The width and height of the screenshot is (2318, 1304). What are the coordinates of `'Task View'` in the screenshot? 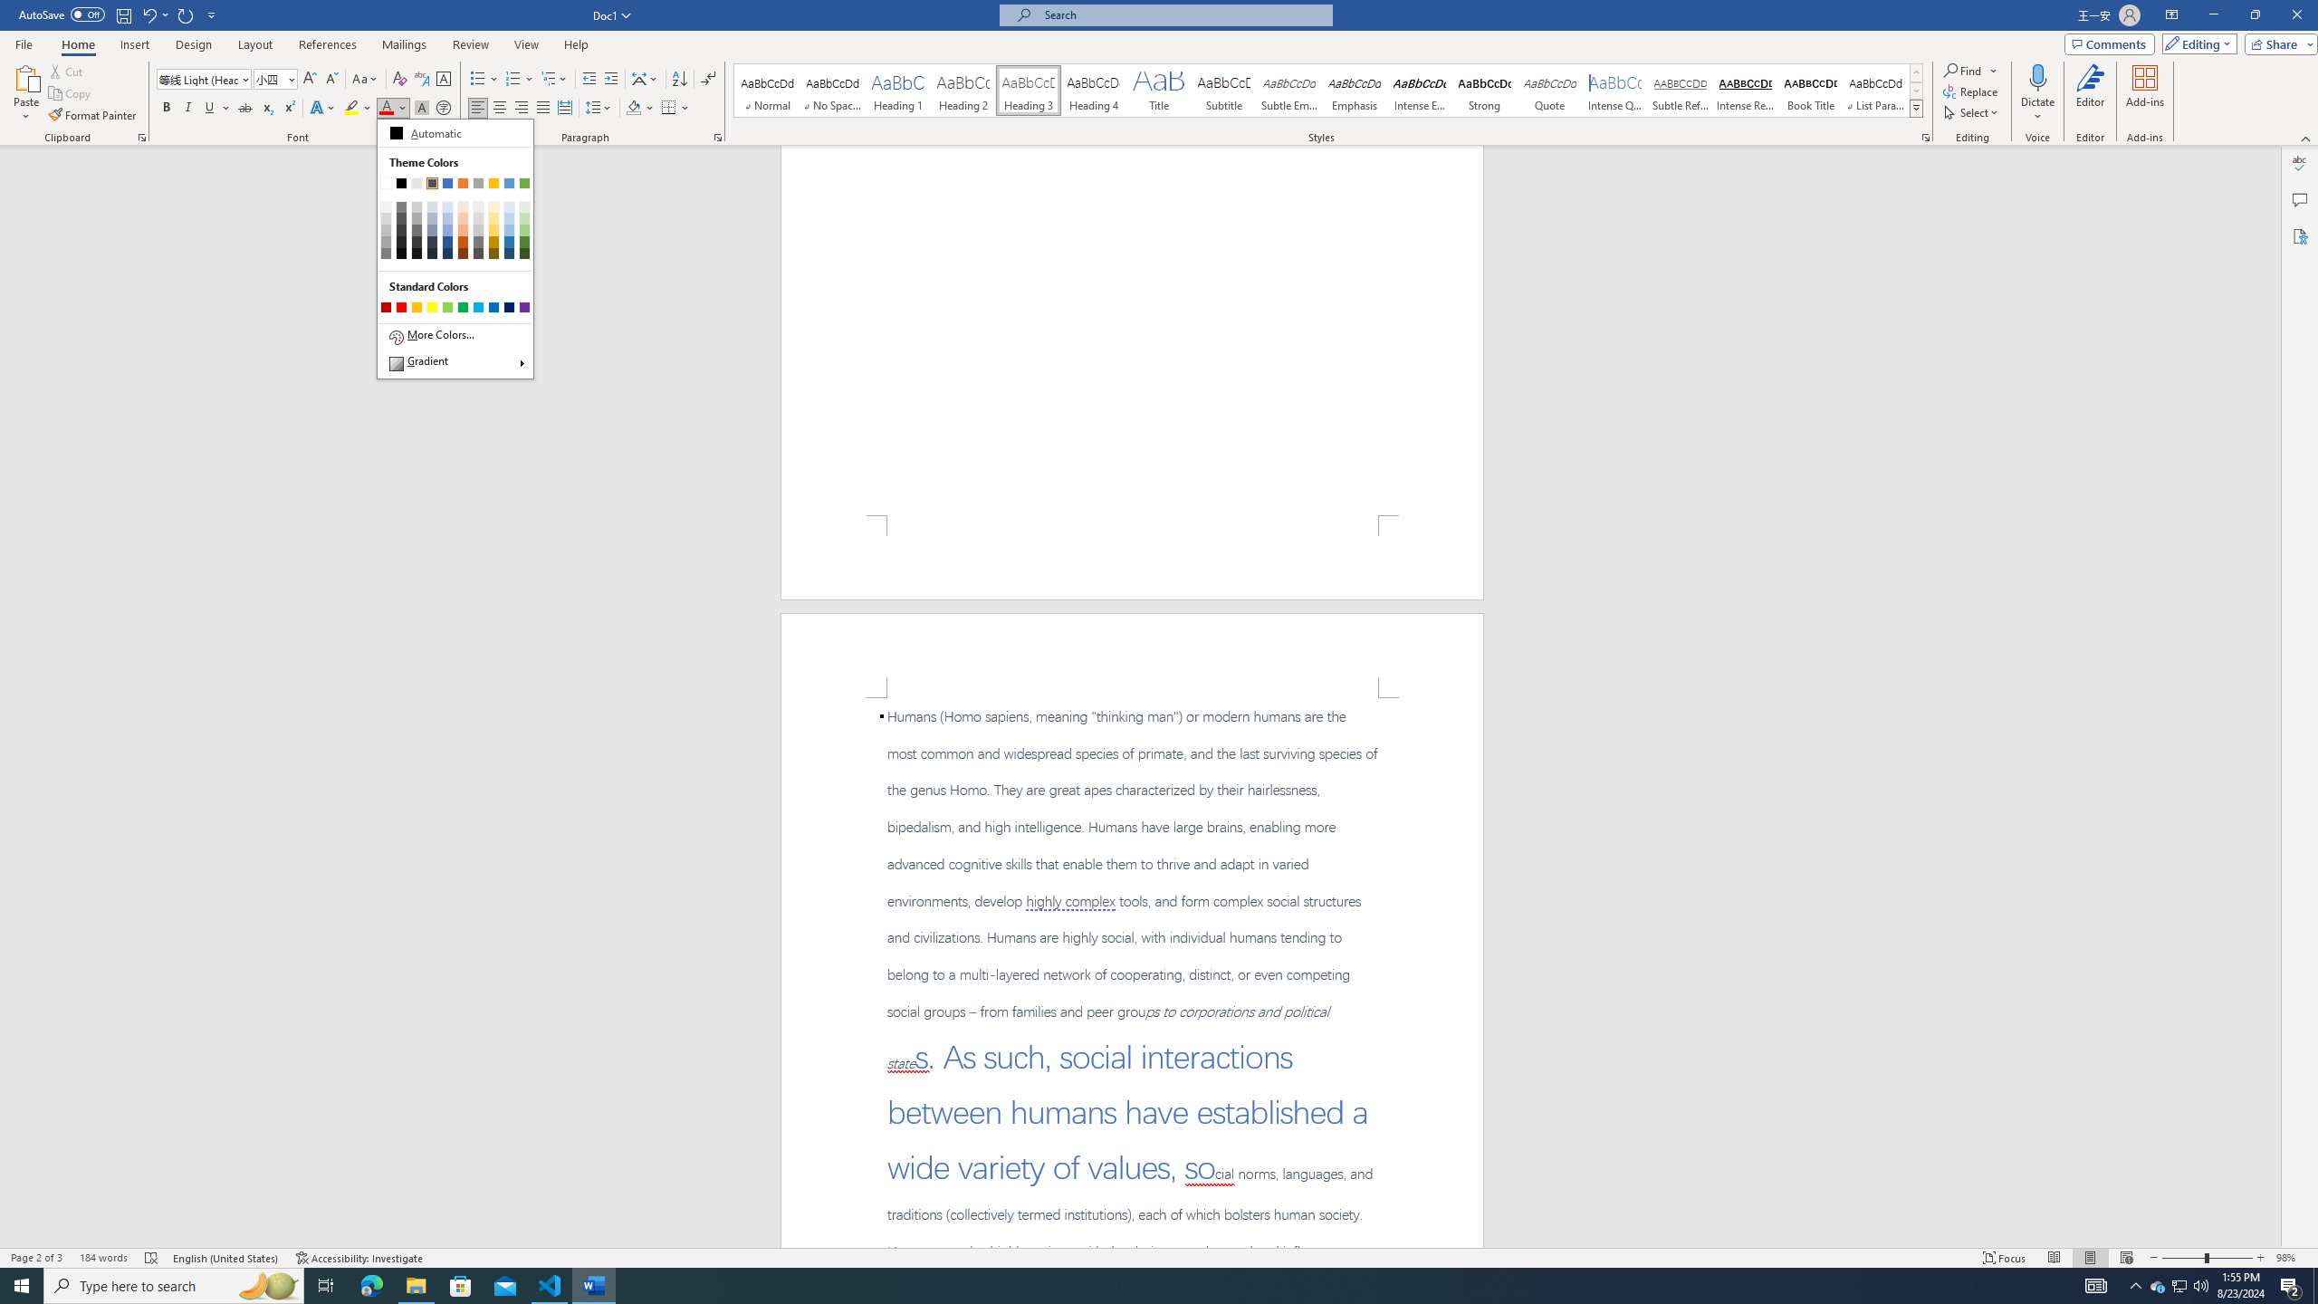 It's located at (324, 1284).